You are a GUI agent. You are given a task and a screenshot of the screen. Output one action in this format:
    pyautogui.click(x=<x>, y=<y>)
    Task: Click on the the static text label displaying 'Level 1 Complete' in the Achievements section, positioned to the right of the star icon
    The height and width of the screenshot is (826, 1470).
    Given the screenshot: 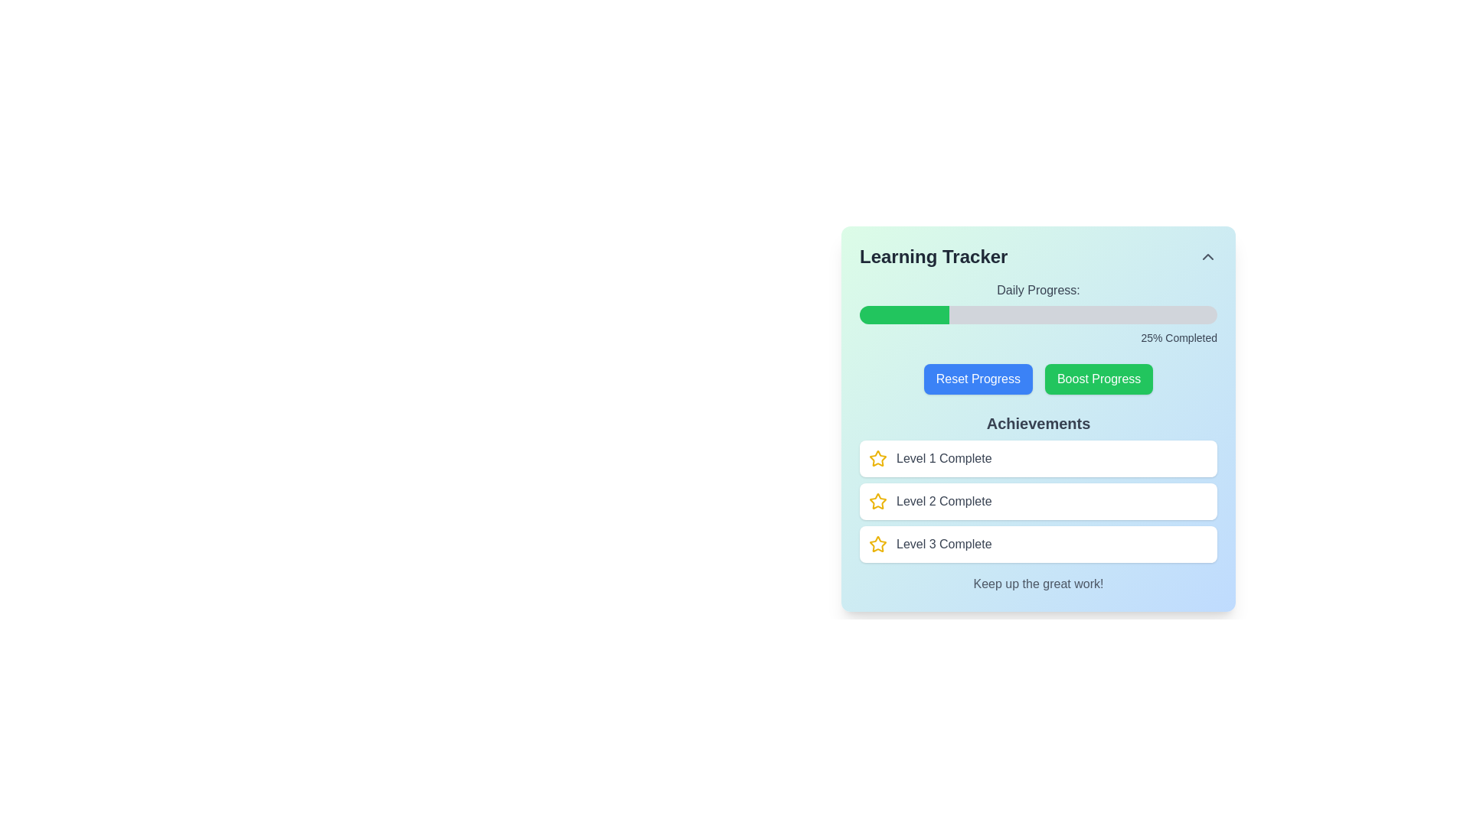 What is the action you would take?
    pyautogui.click(x=943, y=458)
    